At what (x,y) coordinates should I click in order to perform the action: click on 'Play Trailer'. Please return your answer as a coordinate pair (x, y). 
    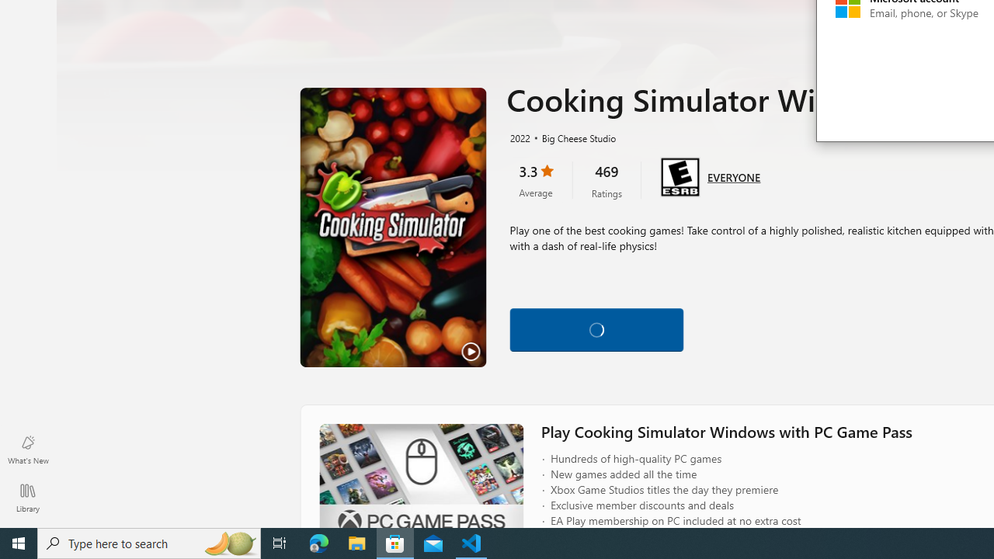
    Looking at the image, I should click on (393, 227).